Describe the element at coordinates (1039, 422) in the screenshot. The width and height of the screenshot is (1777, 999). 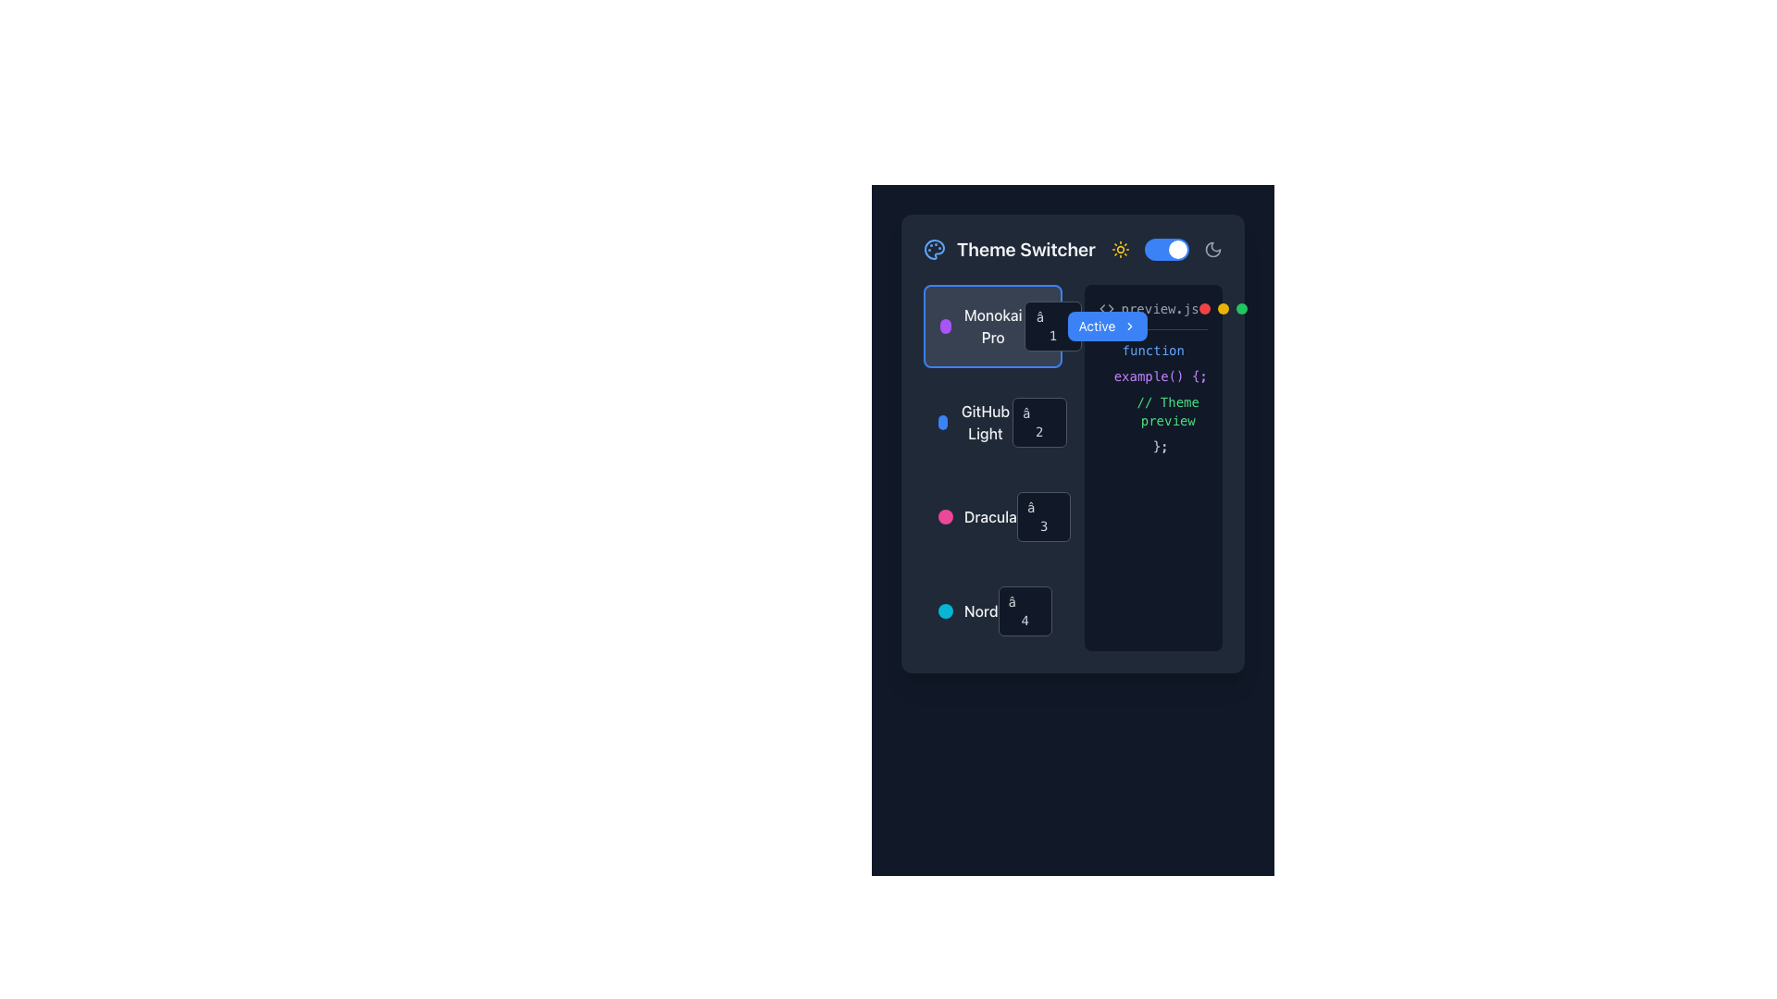
I see `the 'GitHub Light' theme text label or badge, which is located in the second row of the theme options list, to the right of the theme label and colored indicator` at that location.